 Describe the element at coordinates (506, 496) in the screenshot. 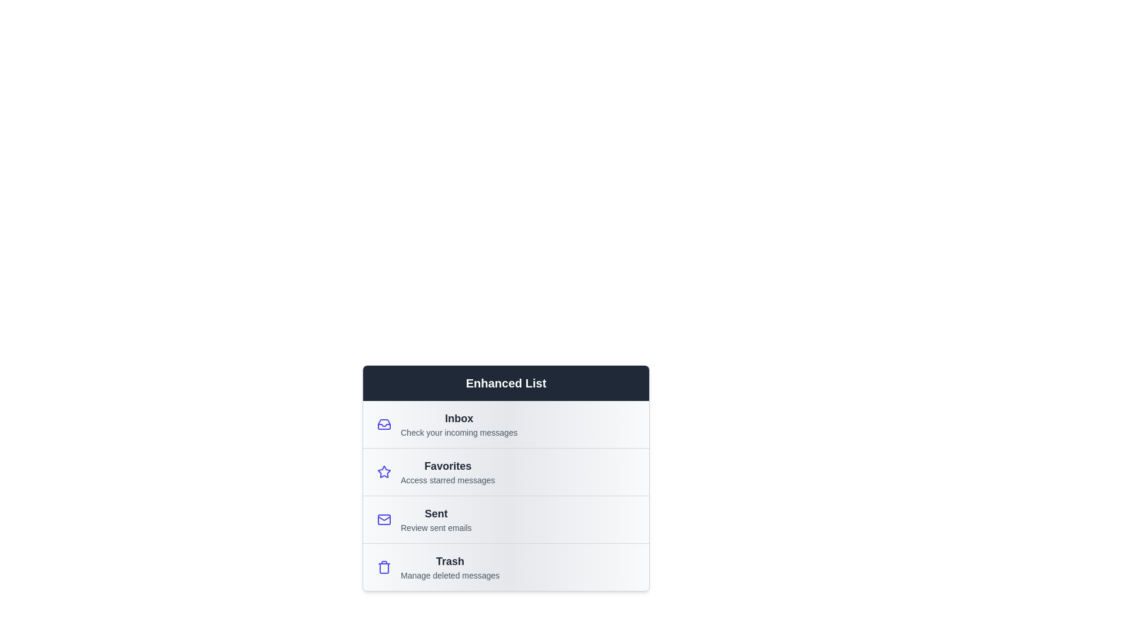

I see `the 'Favorites' item in the navigation menu of the Enhanced List` at that location.